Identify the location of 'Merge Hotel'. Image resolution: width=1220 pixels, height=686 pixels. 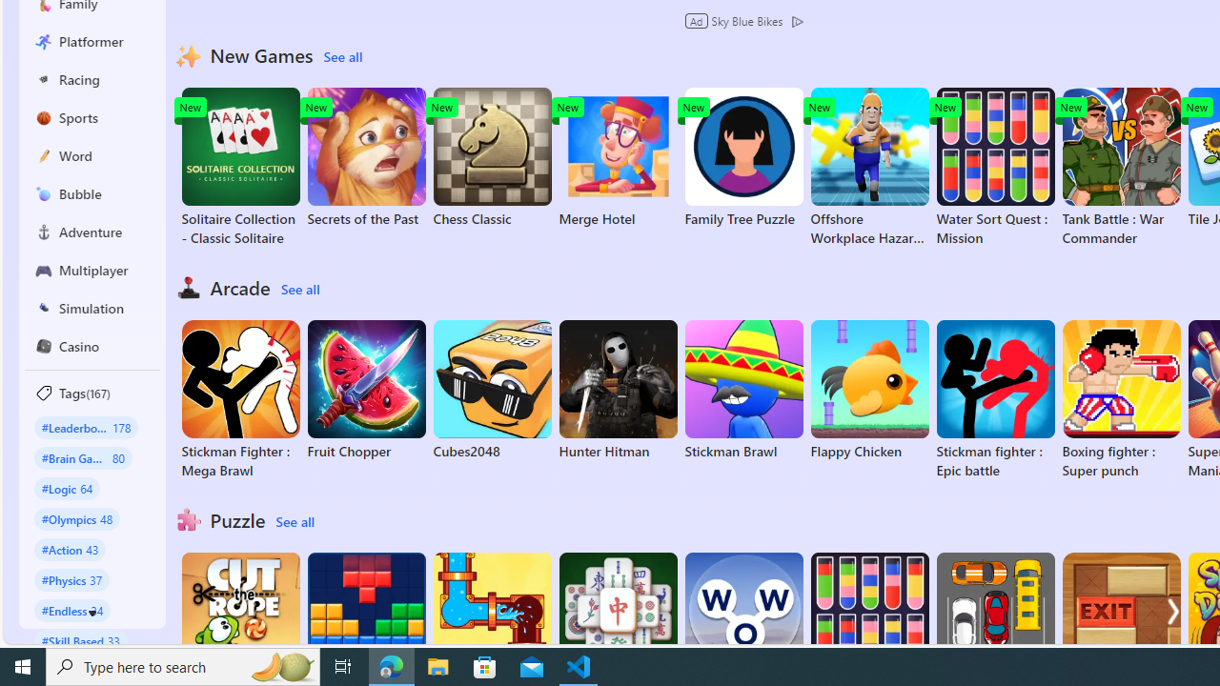
(618, 156).